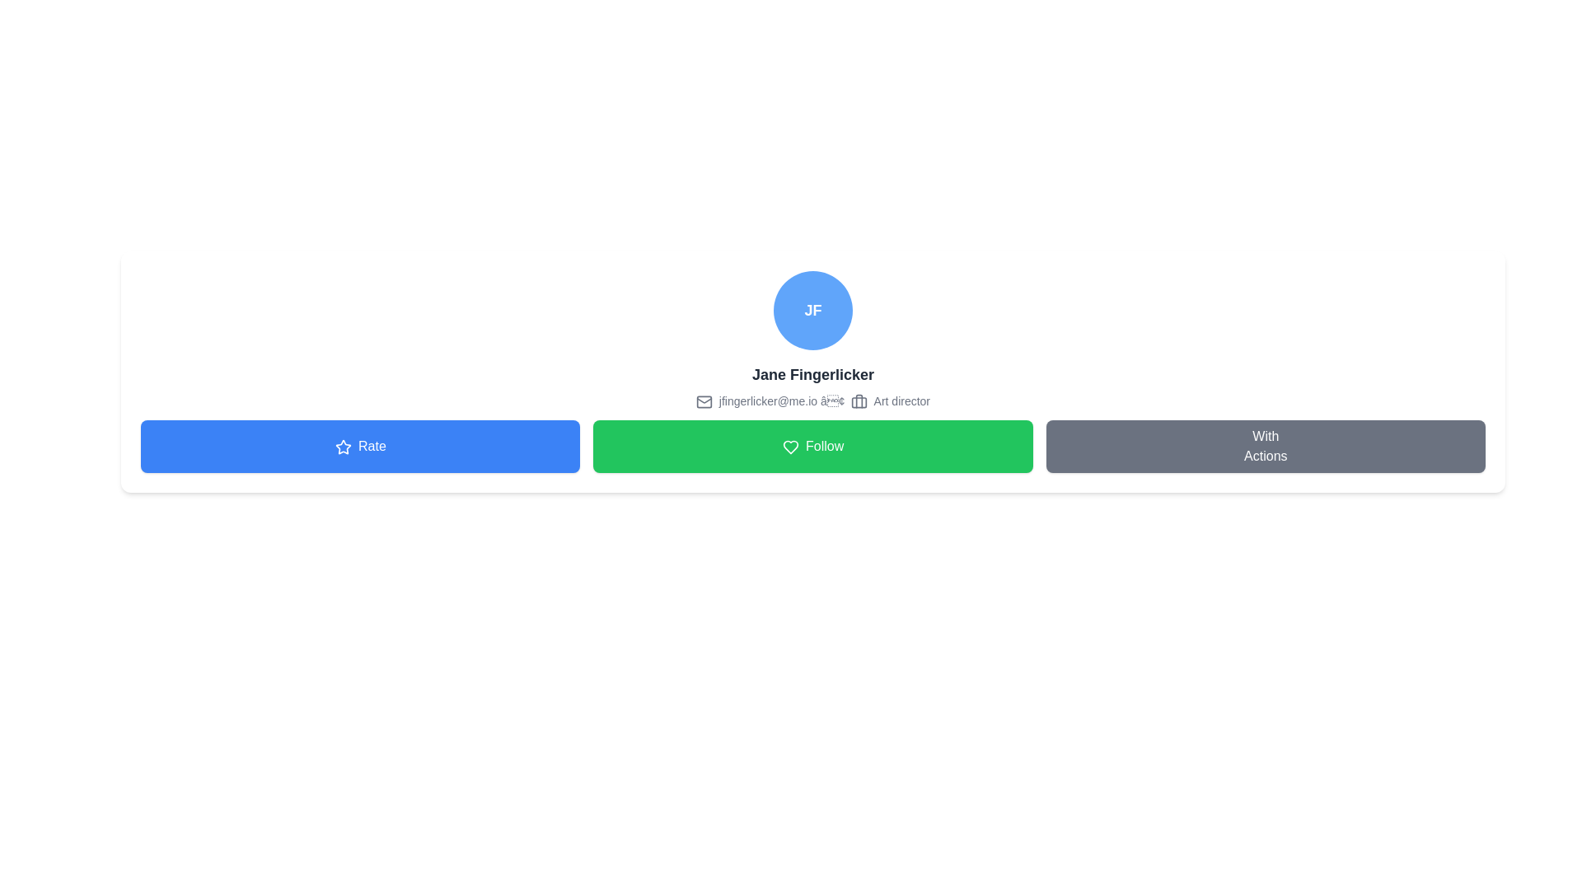  I want to click on the SVG Rectangle representing the body of the email icon, which is located centrally below the email address text field and the user's name, so click(704, 402).